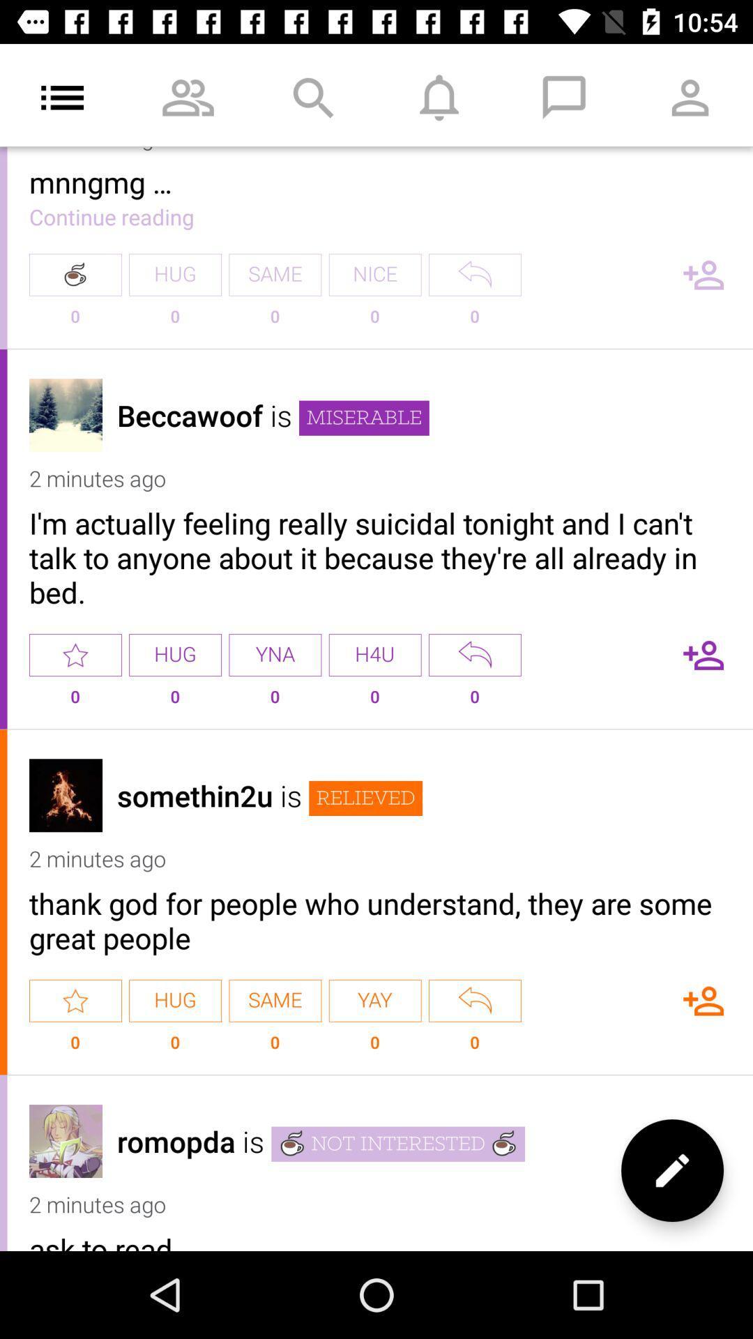 The height and width of the screenshot is (1339, 753). Describe the element at coordinates (474, 1000) in the screenshot. I see `go back` at that location.